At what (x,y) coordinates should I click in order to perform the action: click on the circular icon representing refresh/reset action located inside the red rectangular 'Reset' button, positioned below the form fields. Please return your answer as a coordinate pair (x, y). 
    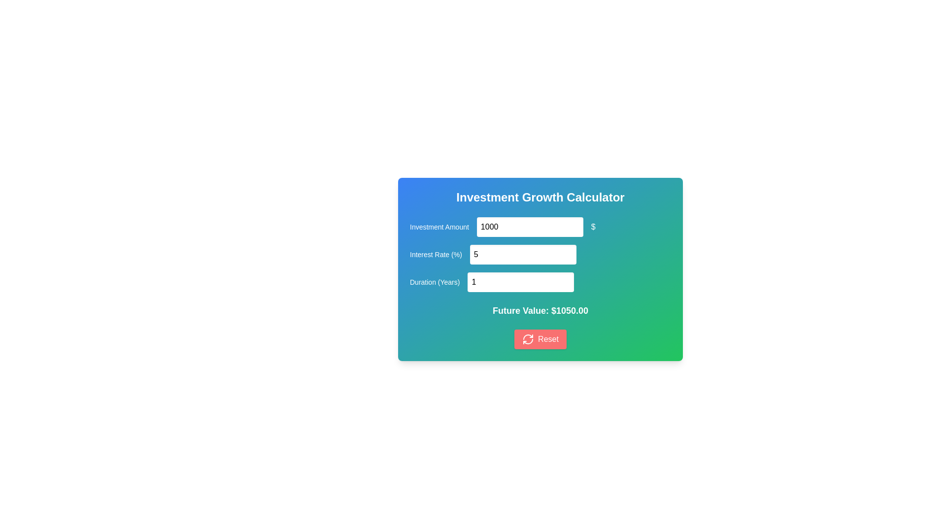
    Looking at the image, I should click on (528, 339).